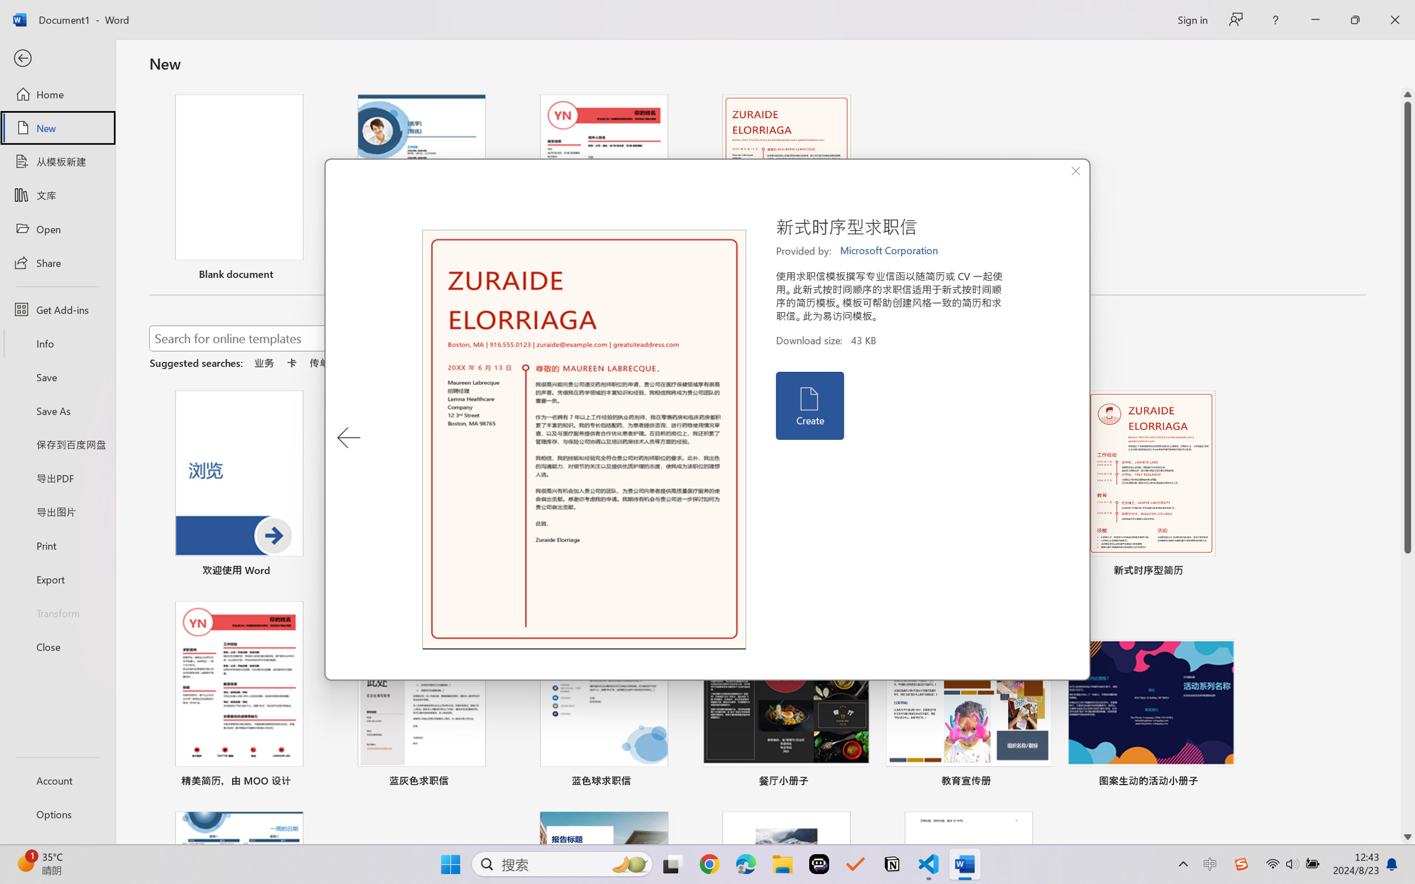 The image size is (1415, 884). Describe the element at coordinates (57, 545) in the screenshot. I see `'Print'` at that location.